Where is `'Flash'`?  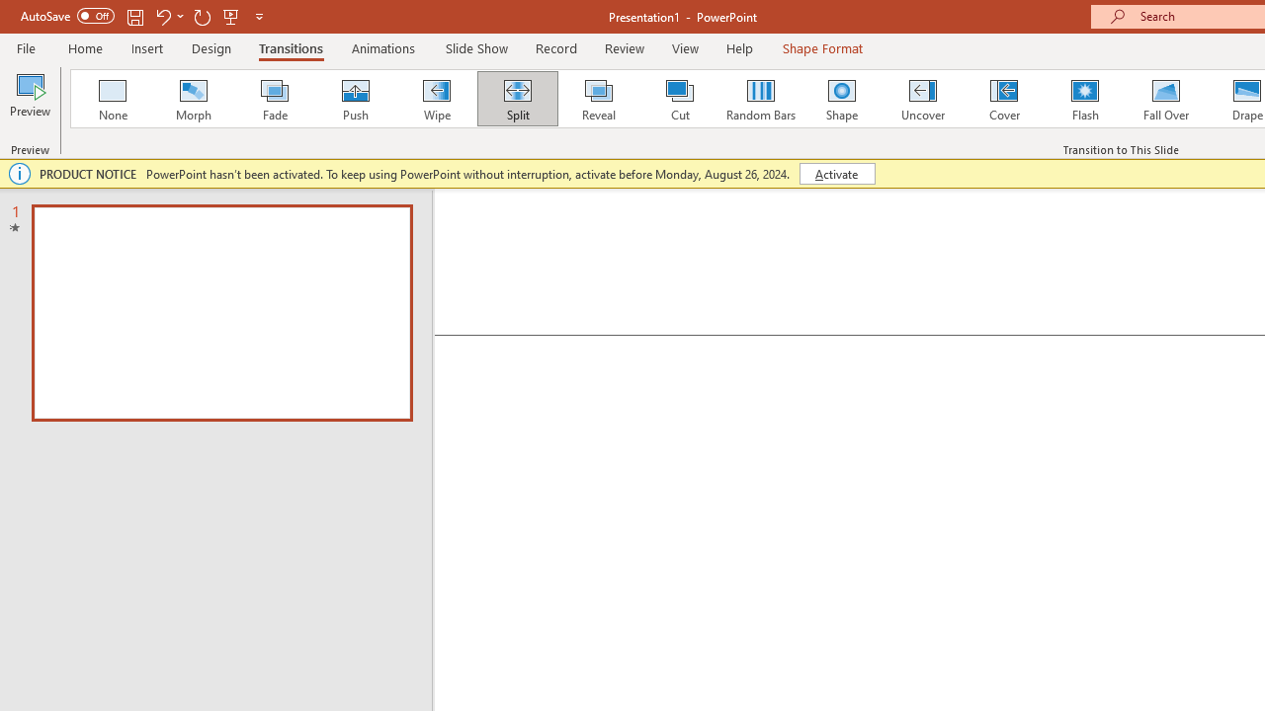
'Flash' is located at coordinates (1084, 99).